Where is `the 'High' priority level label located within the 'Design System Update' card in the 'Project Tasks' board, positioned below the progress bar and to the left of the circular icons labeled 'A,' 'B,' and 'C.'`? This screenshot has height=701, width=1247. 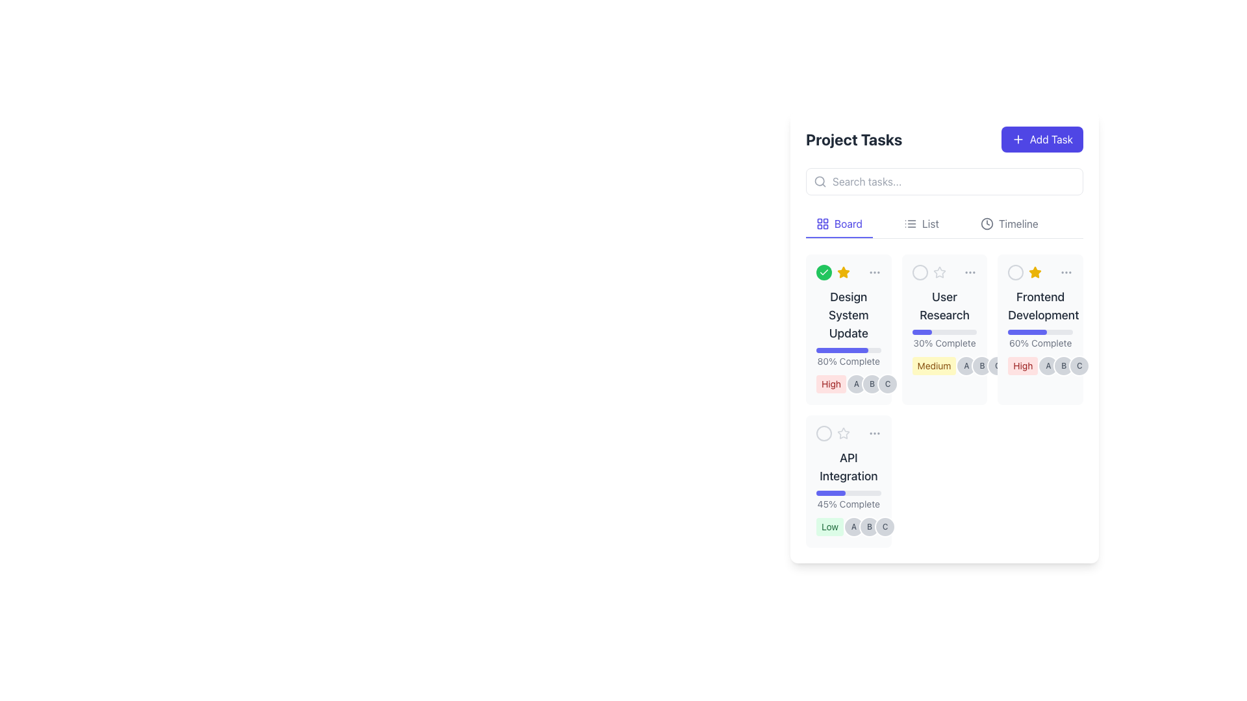
the 'High' priority level label located within the 'Design System Update' card in the 'Project Tasks' board, positioned below the progress bar and to the left of the circular icons labeled 'A,' 'B,' and 'C.' is located at coordinates (831, 383).